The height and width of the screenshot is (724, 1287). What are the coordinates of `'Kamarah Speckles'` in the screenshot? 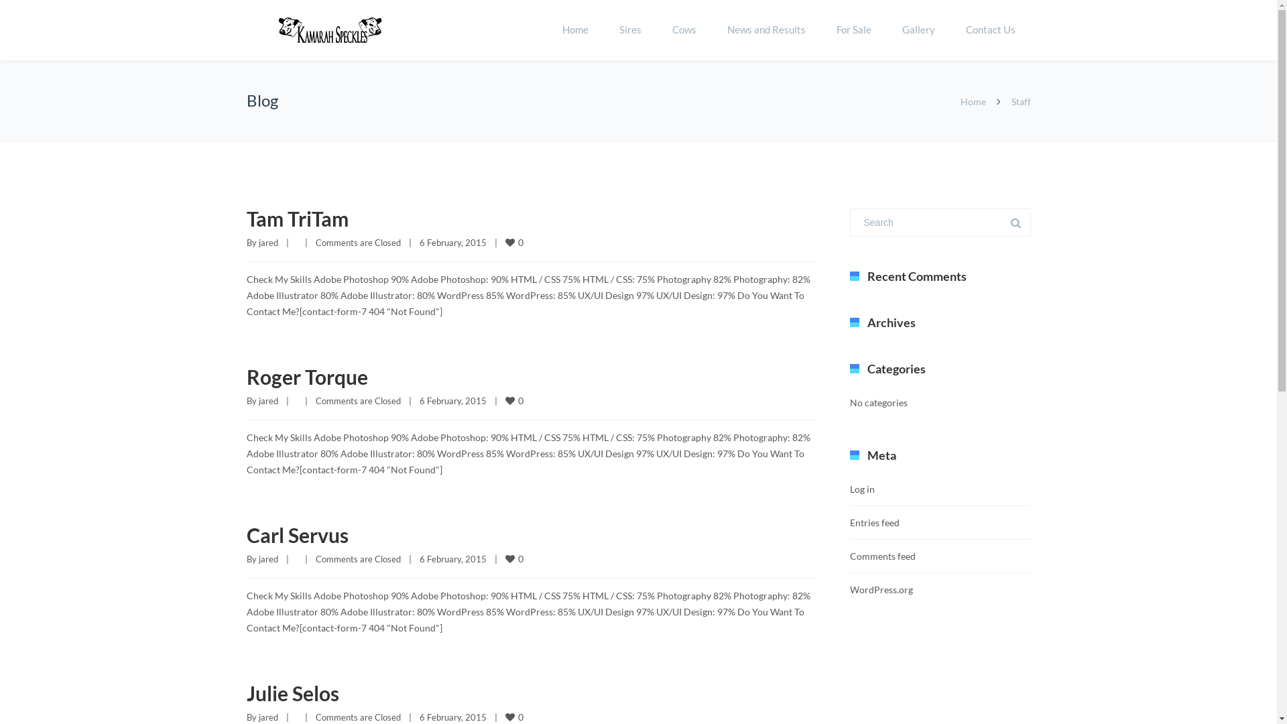 It's located at (330, 30).